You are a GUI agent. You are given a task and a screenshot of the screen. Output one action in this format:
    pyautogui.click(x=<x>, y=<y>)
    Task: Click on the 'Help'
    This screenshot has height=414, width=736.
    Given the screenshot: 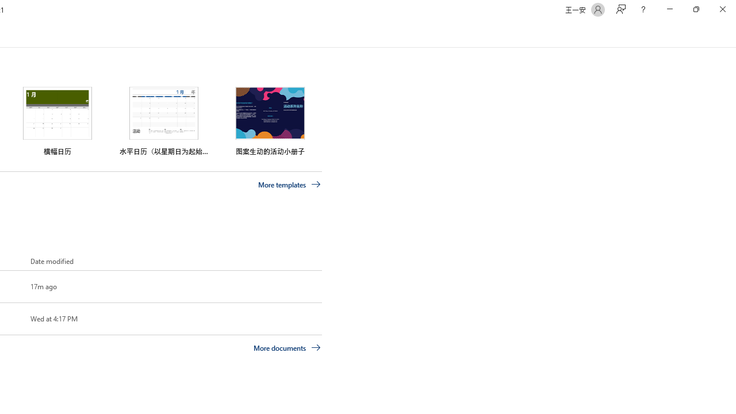 What is the action you would take?
    pyautogui.click(x=642, y=9)
    